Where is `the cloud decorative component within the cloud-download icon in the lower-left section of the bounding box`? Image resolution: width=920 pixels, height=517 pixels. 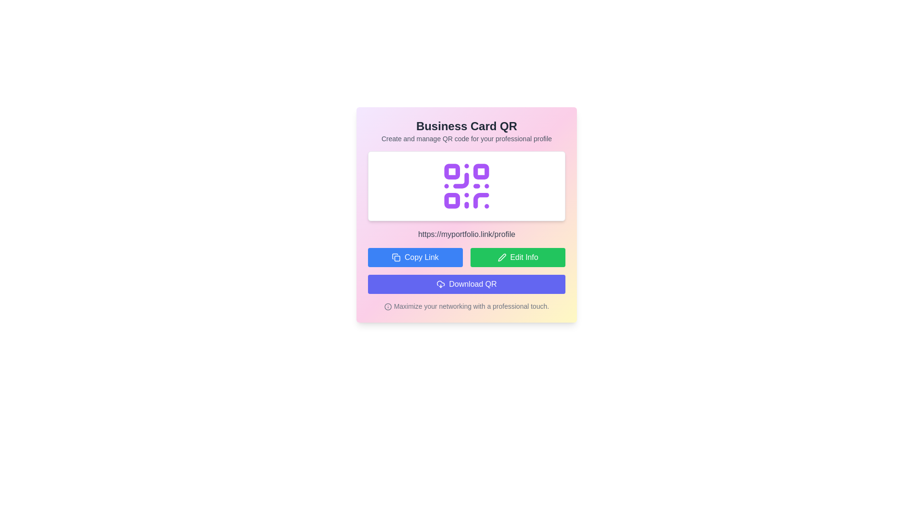 the cloud decorative component within the cloud-download icon in the lower-left section of the bounding box is located at coordinates (440, 283).